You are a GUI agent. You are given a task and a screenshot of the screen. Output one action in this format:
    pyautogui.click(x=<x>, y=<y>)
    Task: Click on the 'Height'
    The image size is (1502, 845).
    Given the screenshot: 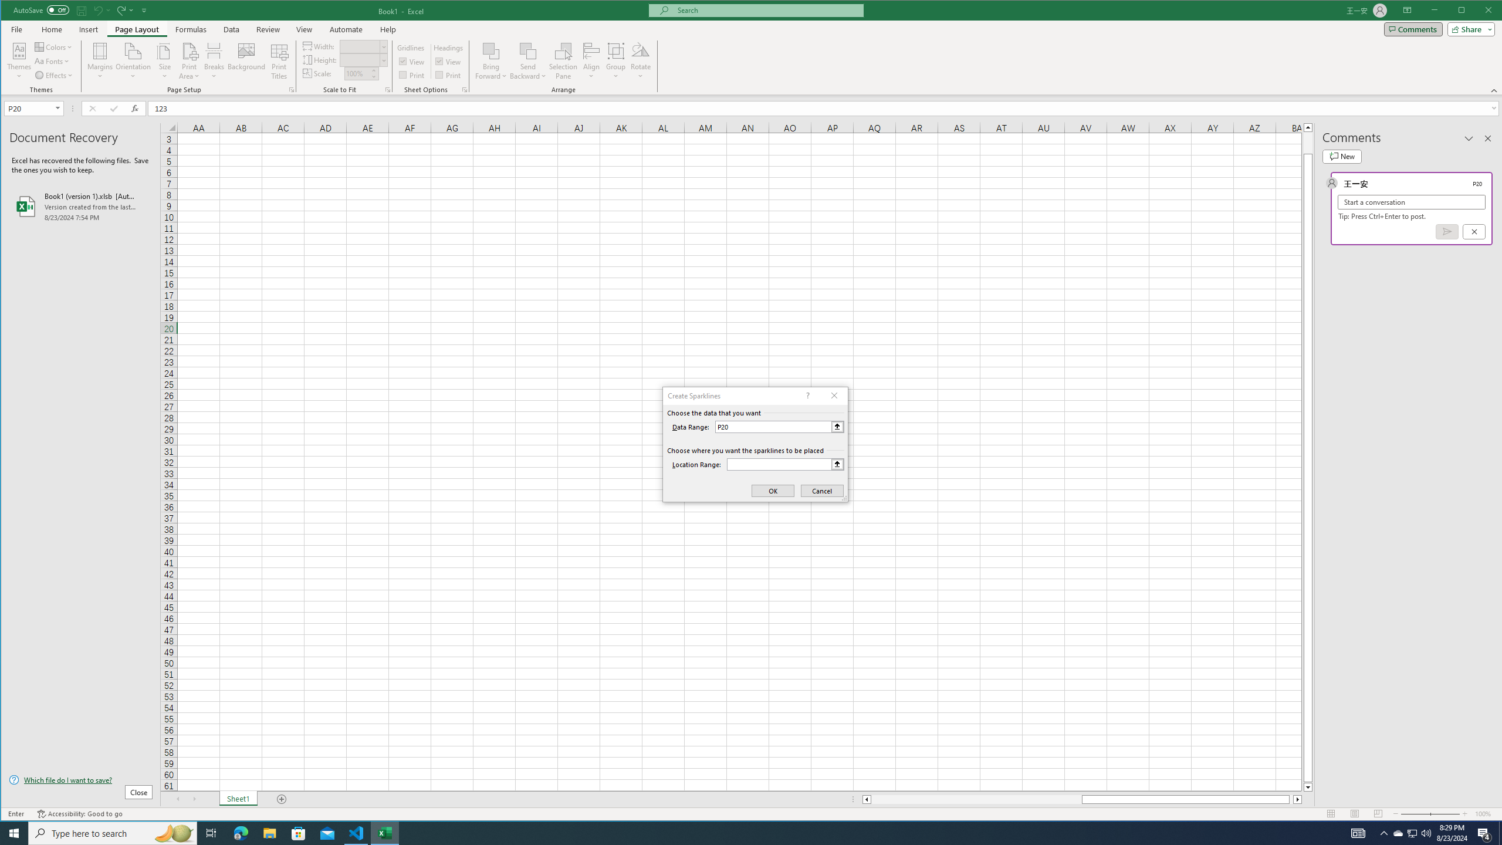 What is the action you would take?
    pyautogui.click(x=360, y=60)
    